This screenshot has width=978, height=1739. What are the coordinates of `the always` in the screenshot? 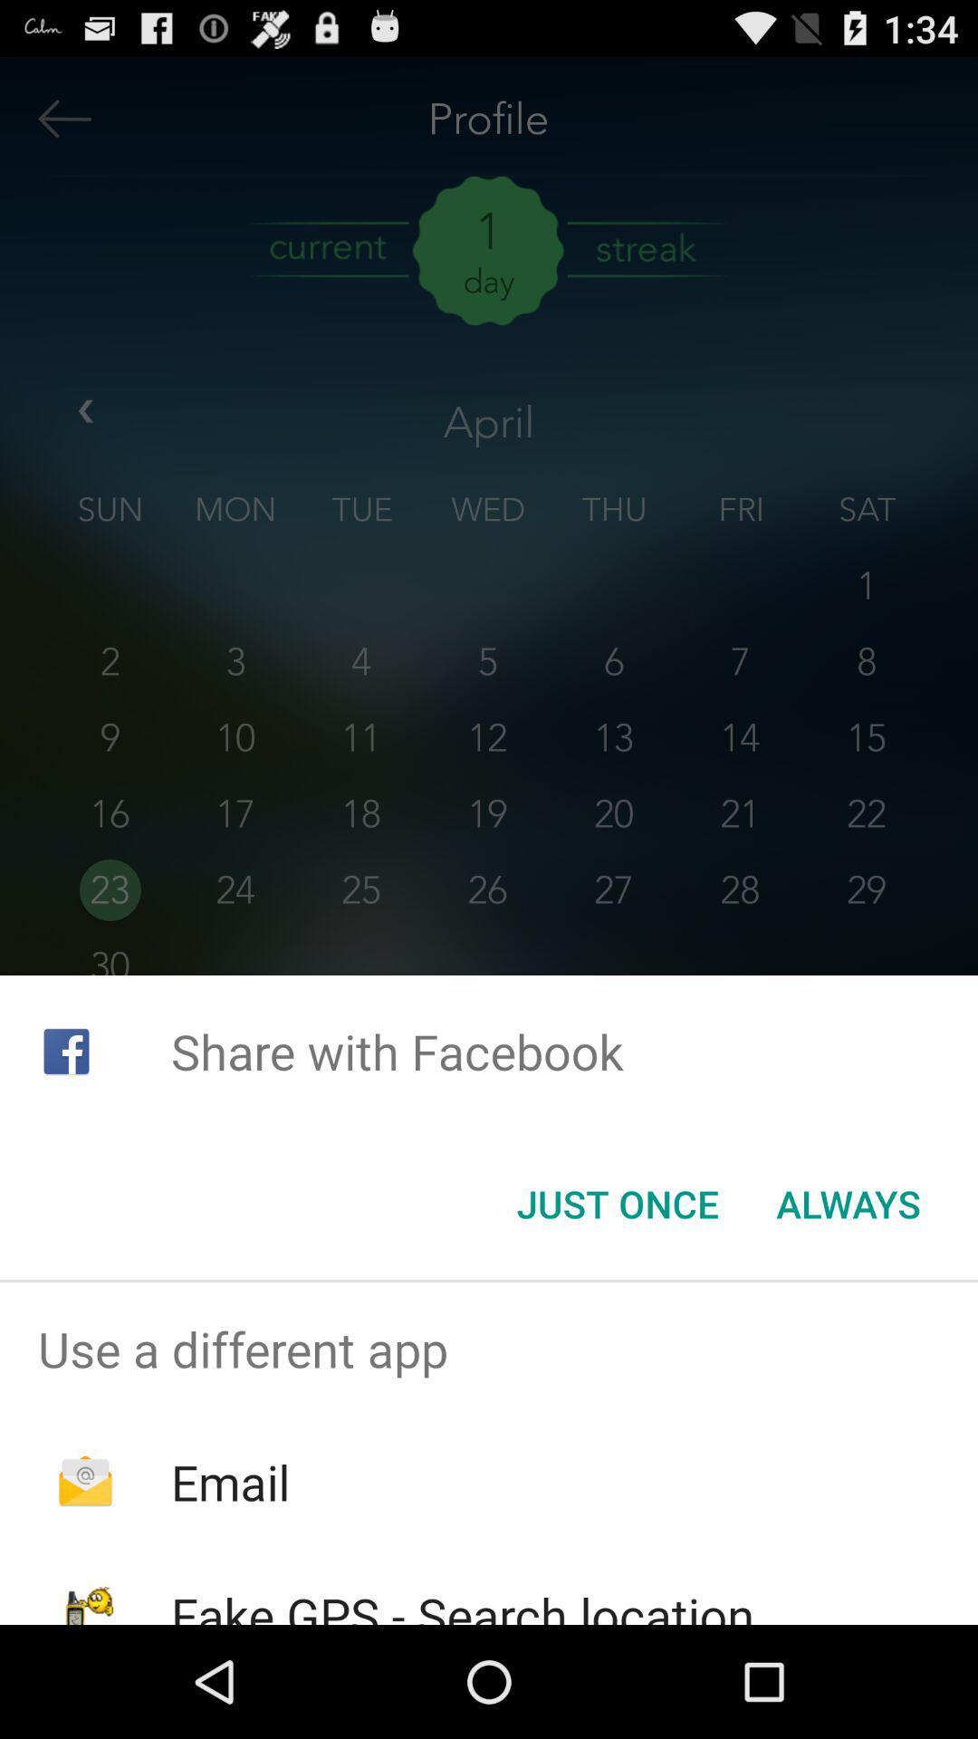 It's located at (849, 1204).